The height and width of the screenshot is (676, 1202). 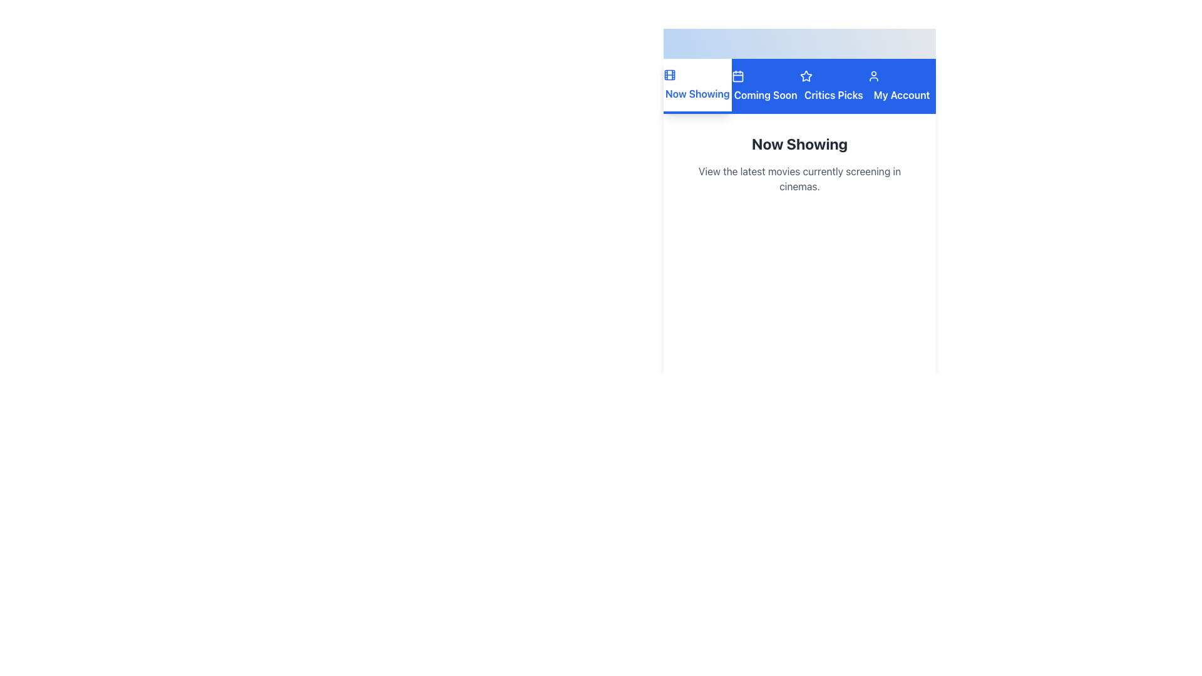 I want to click on the 'Coming Soon' navigation label, which is the second item in the top navigation bar, so click(x=765, y=94).